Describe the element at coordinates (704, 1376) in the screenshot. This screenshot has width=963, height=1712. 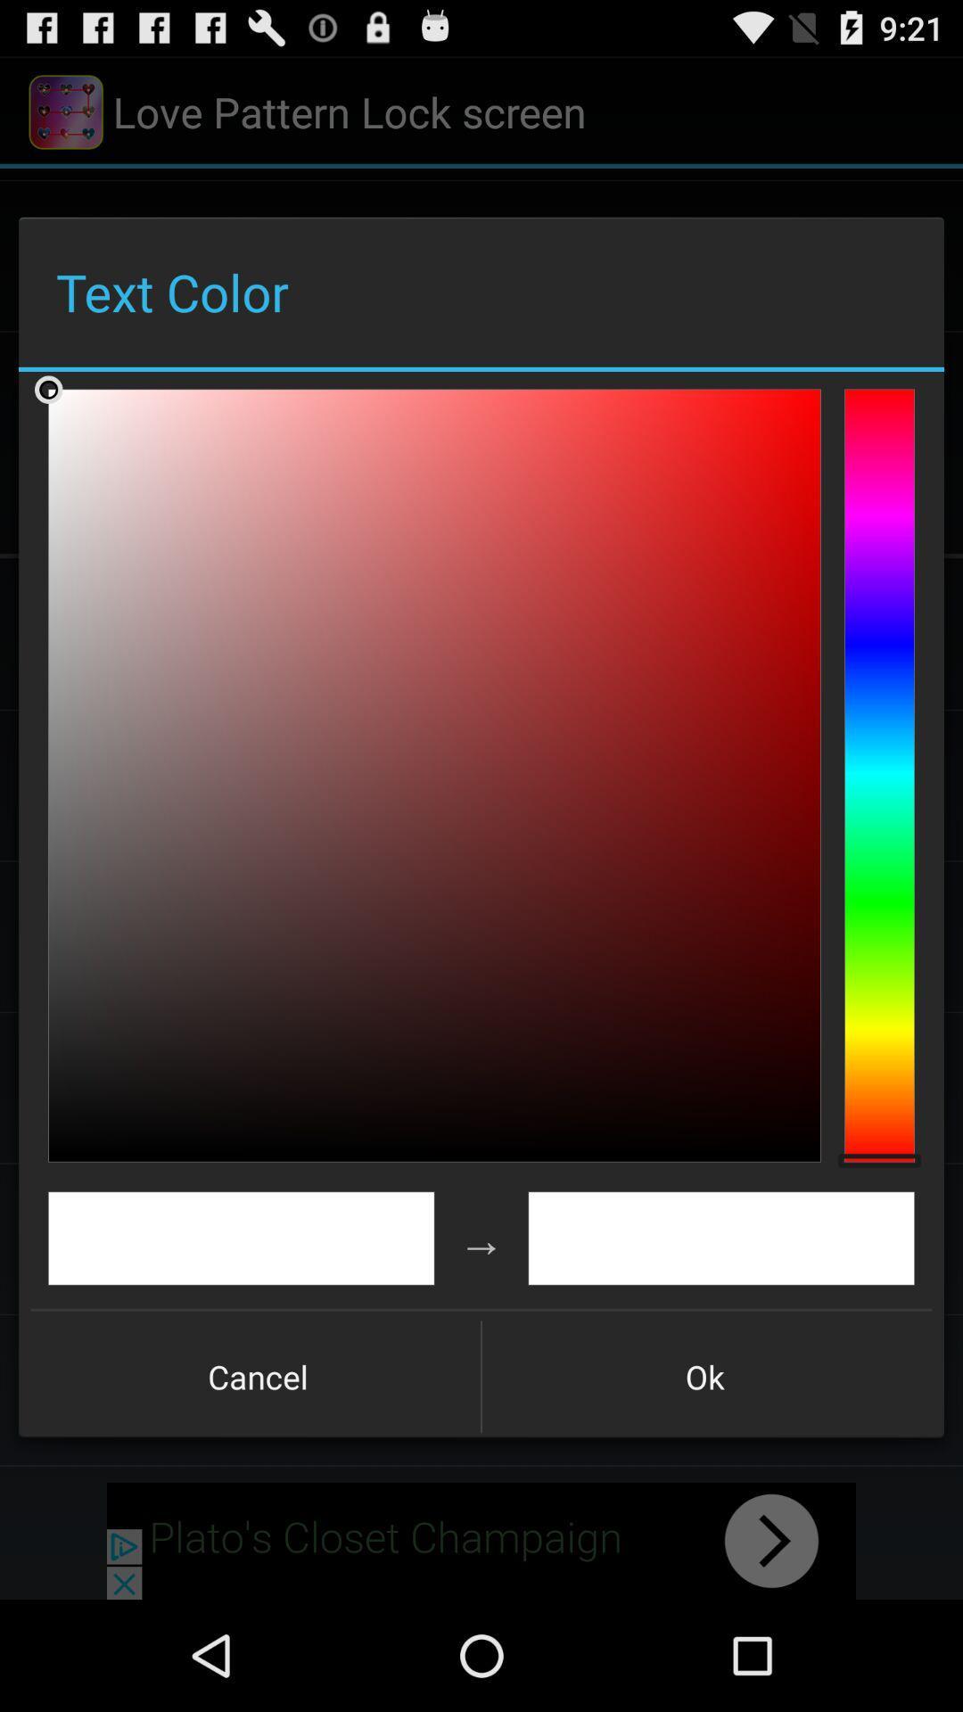
I see `the item to the right of cancel` at that location.